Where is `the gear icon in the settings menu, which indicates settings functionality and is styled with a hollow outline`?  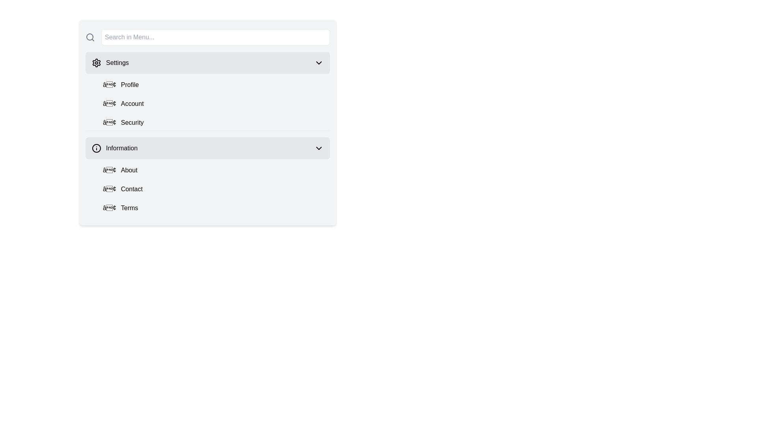
the gear icon in the settings menu, which indicates settings functionality and is styled with a hollow outline is located at coordinates (96, 62).